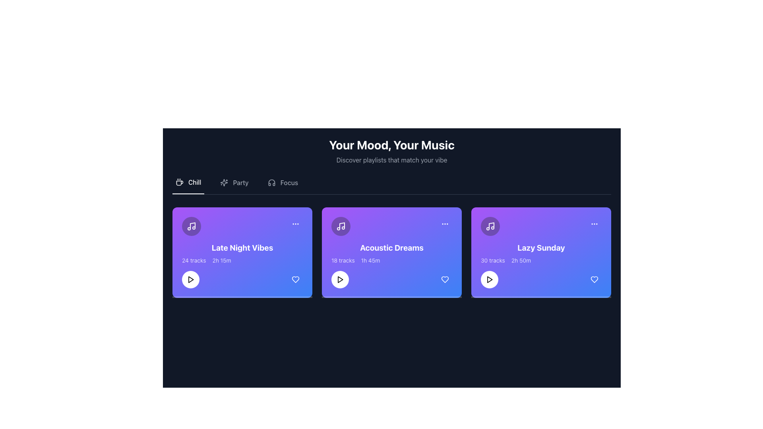 The height and width of the screenshot is (429, 763). What do you see at coordinates (240, 182) in the screenshot?
I see `the 'Party' text label, which is the second item in the navigation menu, styled in light gray on a dark blue background` at bounding box center [240, 182].